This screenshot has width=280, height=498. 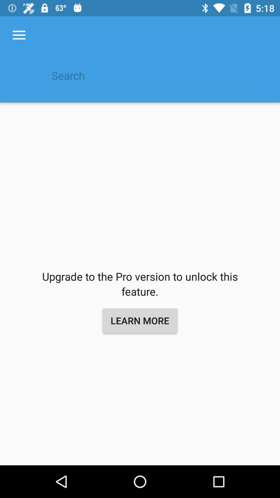 I want to click on icon above the upgrade to the, so click(x=159, y=78).